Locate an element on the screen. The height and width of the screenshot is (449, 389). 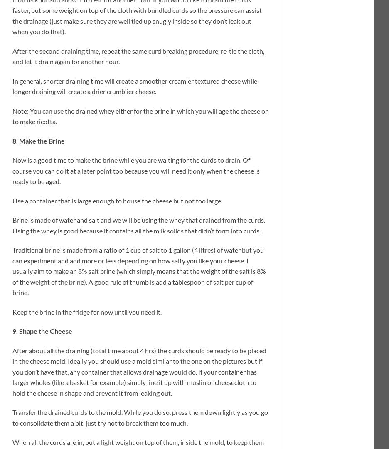
'9. Shape the Cheese' is located at coordinates (12, 330).